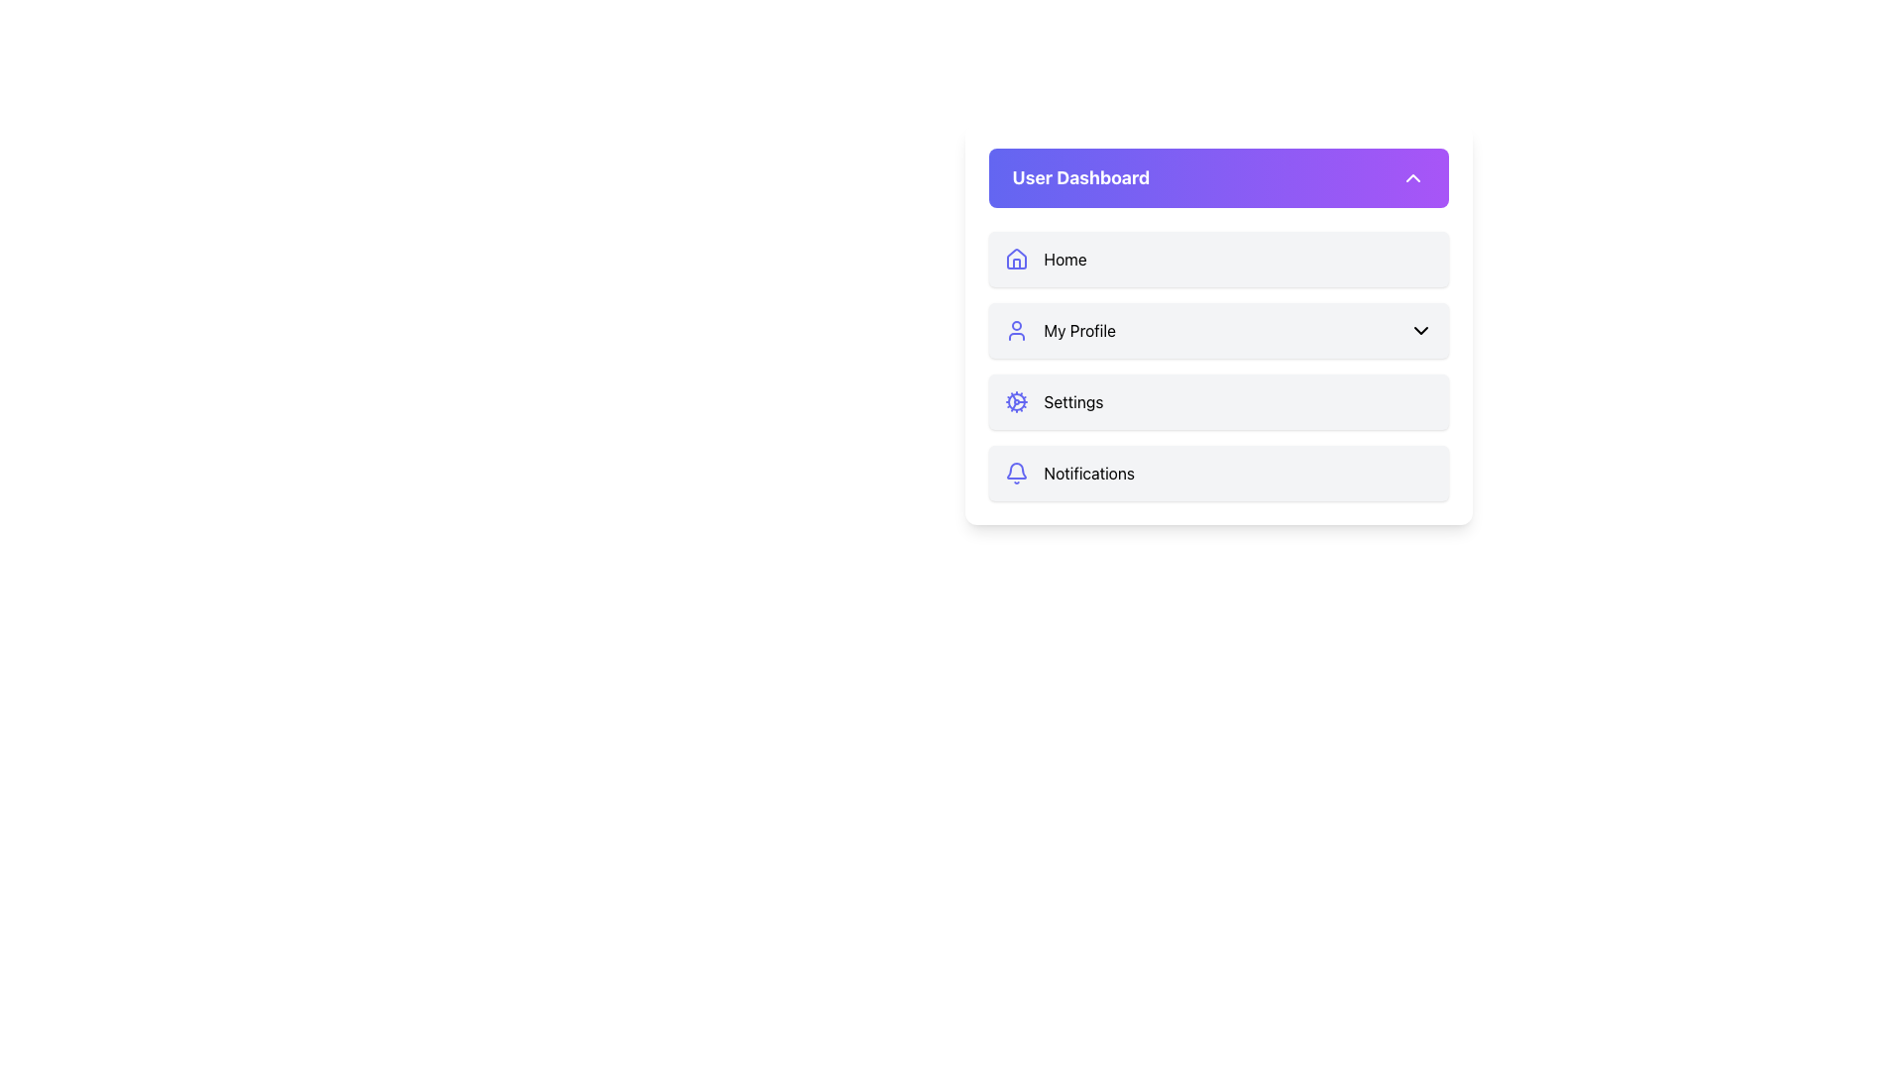 The image size is (1903, 1070). I want to click on the SVG icon resembling a house, so click(1016, 259).